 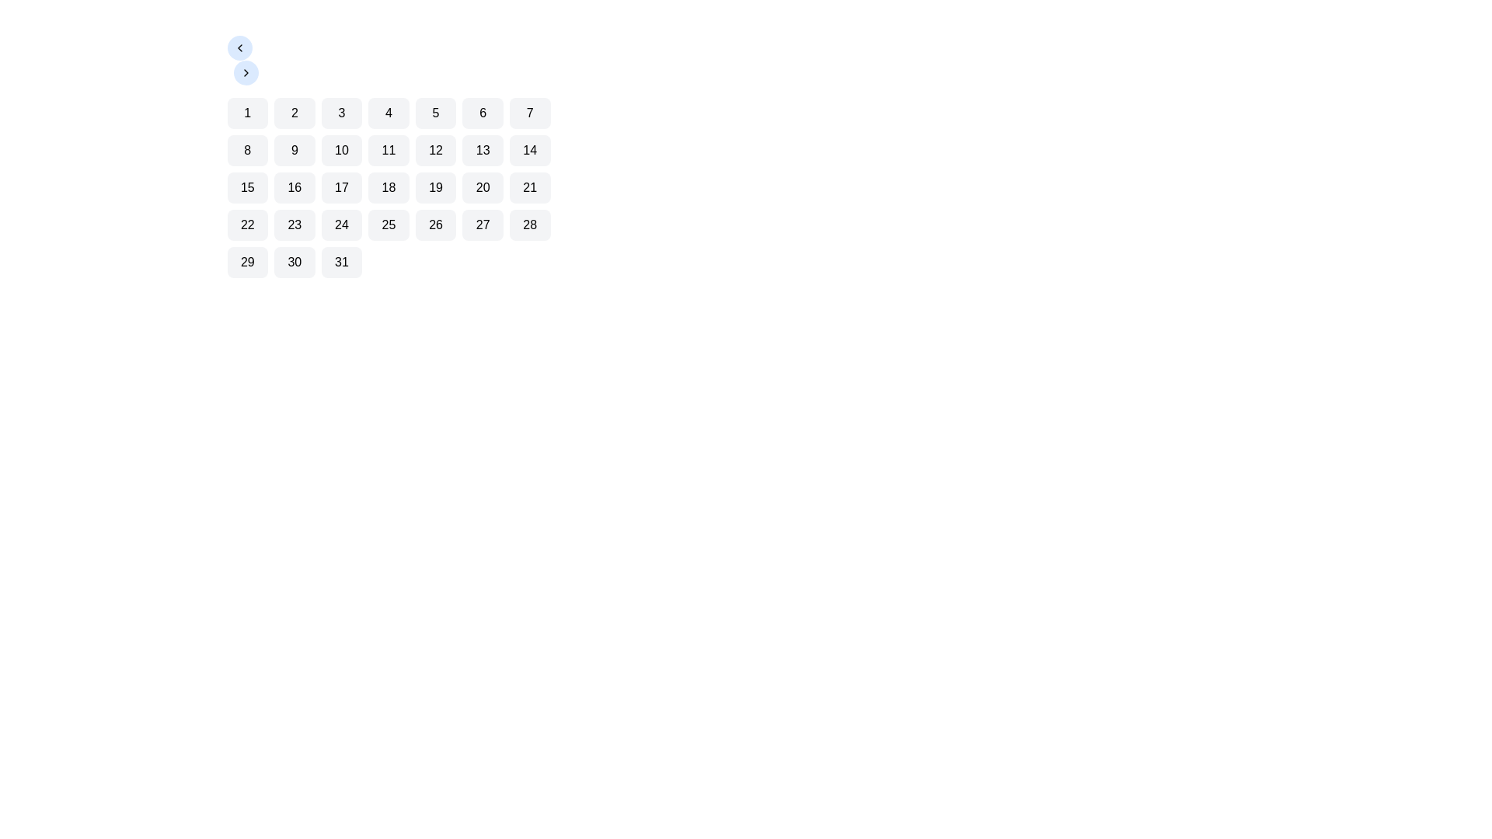 What do you see at coordinates (435, 187) in the screenshot?
I see `the non-interactive grid cell element displaying the number '19', which is styled with a light gray background and rounded corners, located in the sixth row and third column of the grid` at bounding box center [435, 187].